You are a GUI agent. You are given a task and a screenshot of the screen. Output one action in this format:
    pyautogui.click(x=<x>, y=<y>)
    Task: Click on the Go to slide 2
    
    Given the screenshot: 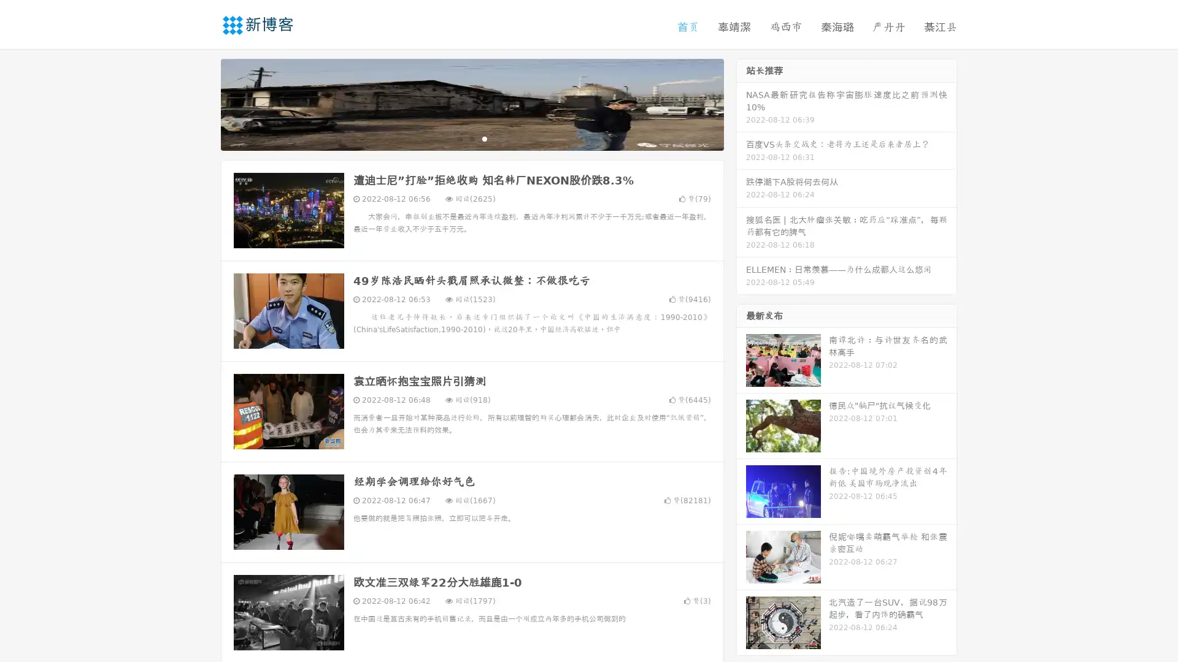 What is the action you would take?
    pyautogui.click(x=471, y=138)
    